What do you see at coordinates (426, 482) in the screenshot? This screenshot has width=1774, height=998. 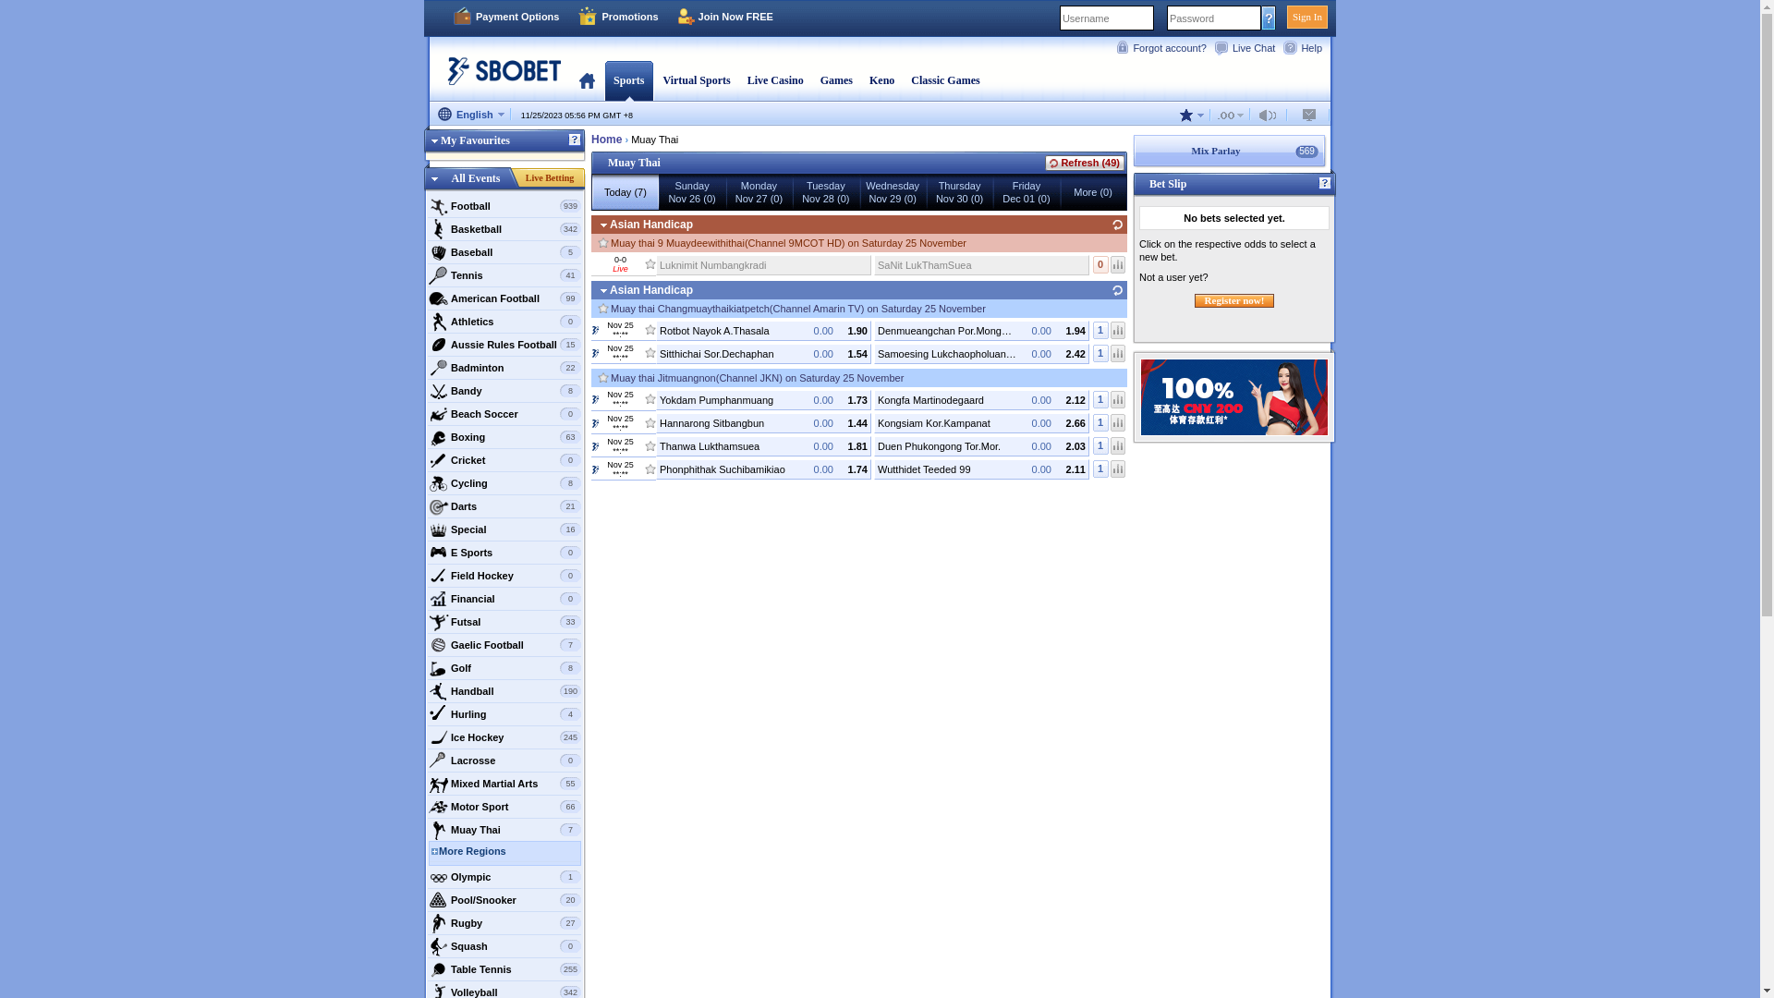 I see `'Cycling` at bounding box center [426, 482].